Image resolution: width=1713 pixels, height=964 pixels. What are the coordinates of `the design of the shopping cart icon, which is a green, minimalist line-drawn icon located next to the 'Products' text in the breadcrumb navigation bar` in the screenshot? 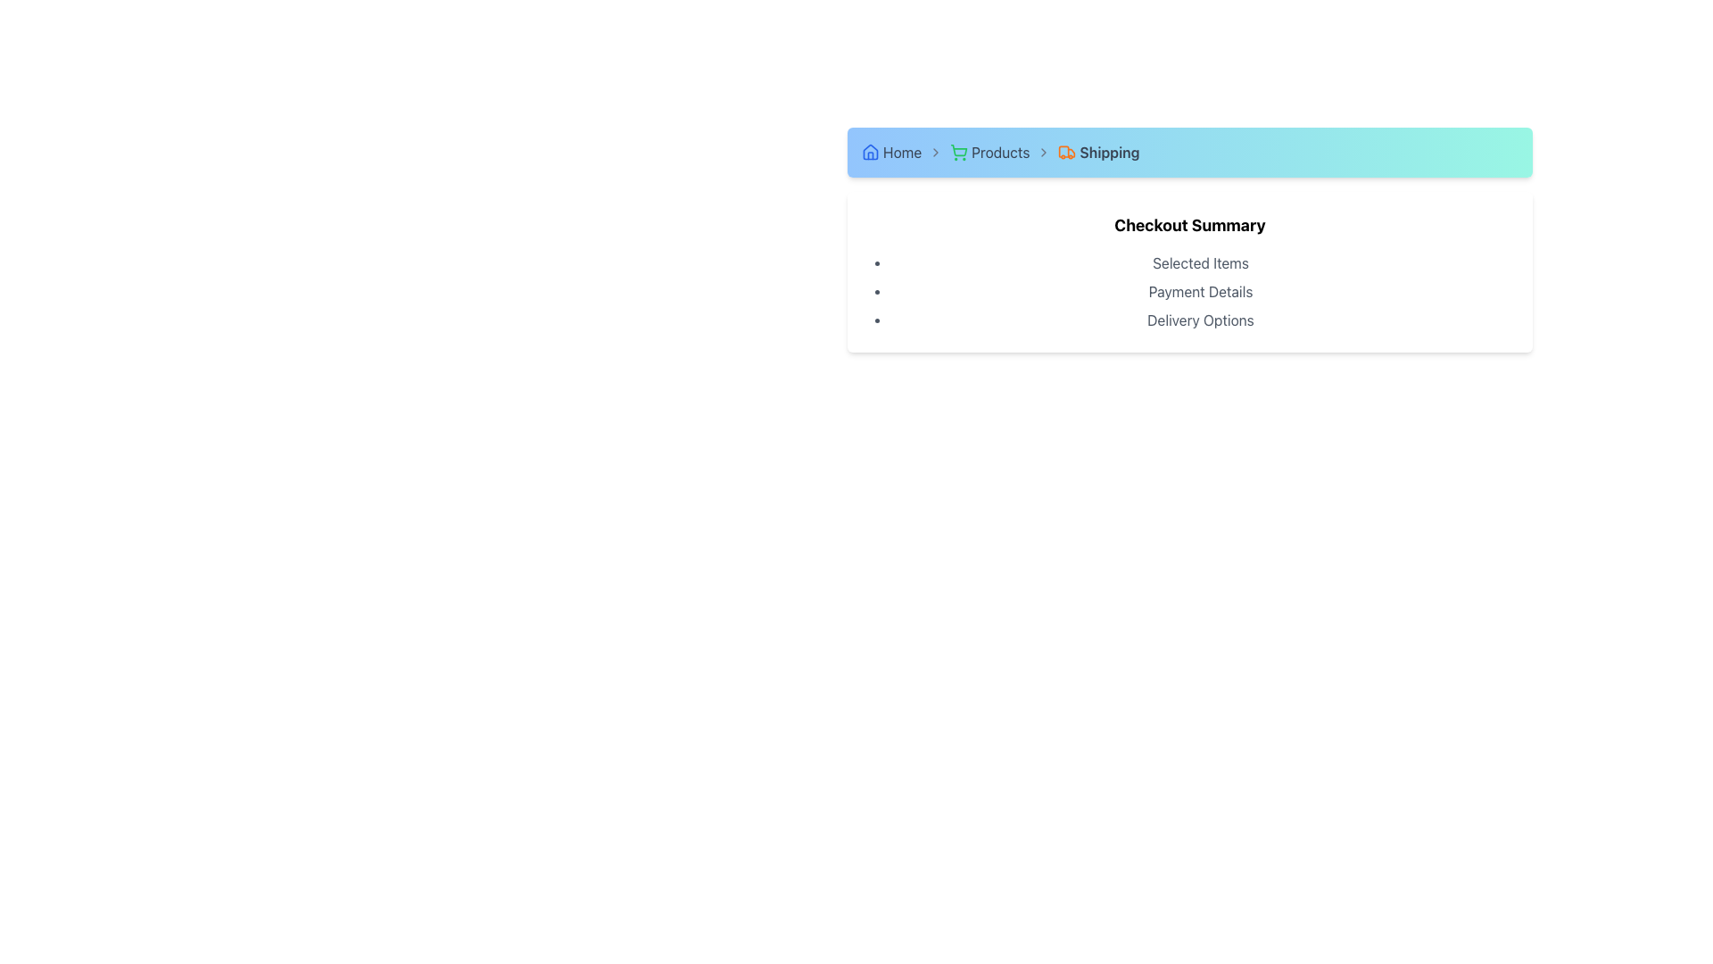 It's located at (958, 151).